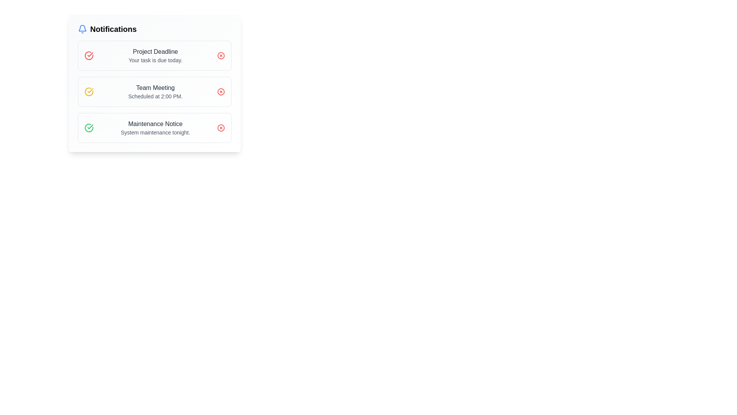  Describe the element at coordinates (89, 127) in the screenshot. I see `the green circular icon with a checkmark inside, which indicates a successful status, located on the leftmost part of the third notification entry titled 'Maintenance Notice'` at that location.